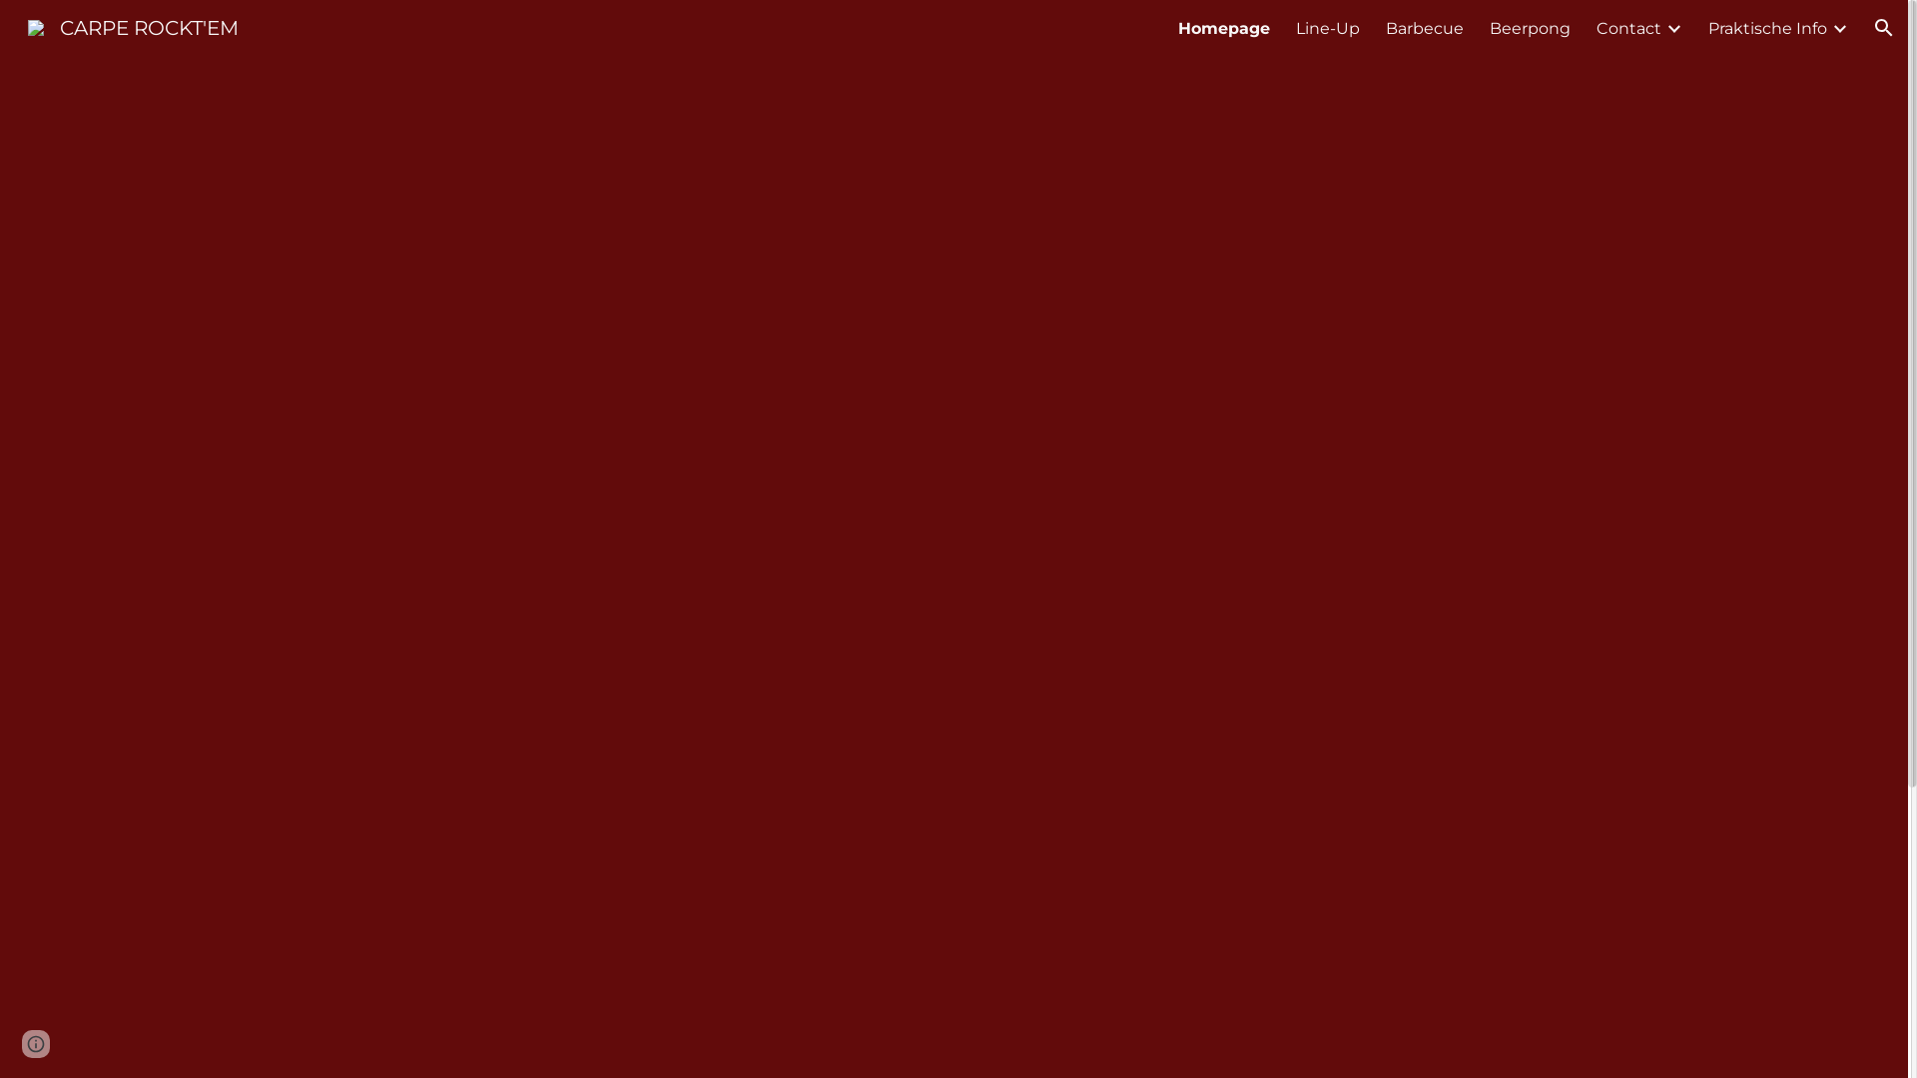 Image resolution: width=1917 pixels, height=1078 pixels. I want to click on 'CARPE ROCKT'EM', so click(15, 26).